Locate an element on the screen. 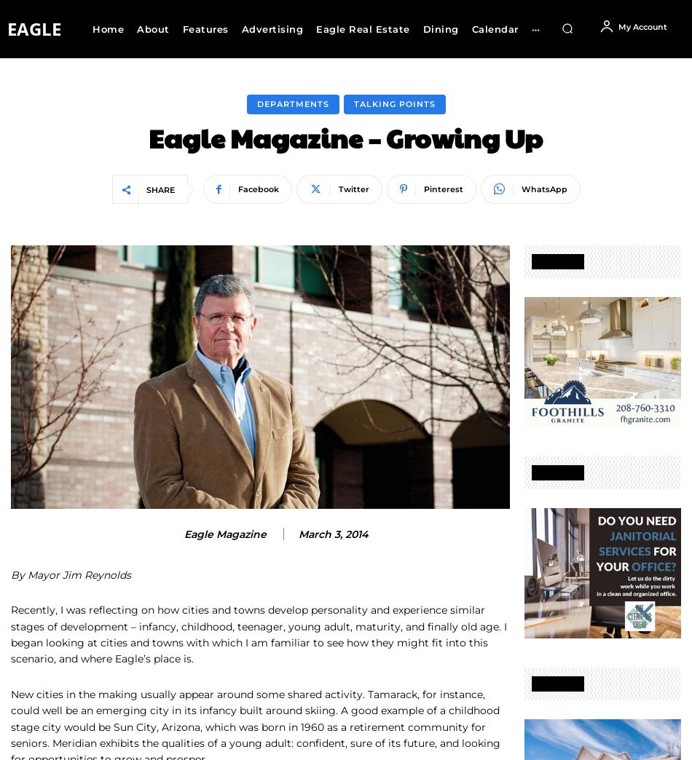  'Features' is located at coordinates (204, 28).